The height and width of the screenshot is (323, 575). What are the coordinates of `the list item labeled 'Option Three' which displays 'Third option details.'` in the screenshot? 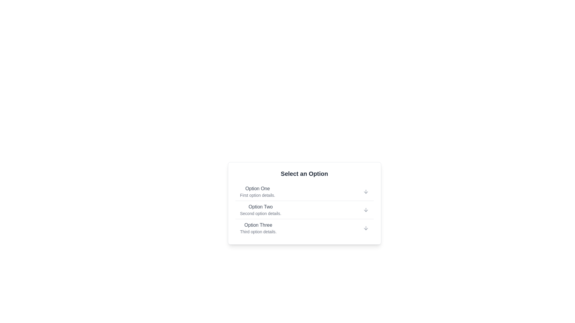 It's located at (304, 228).